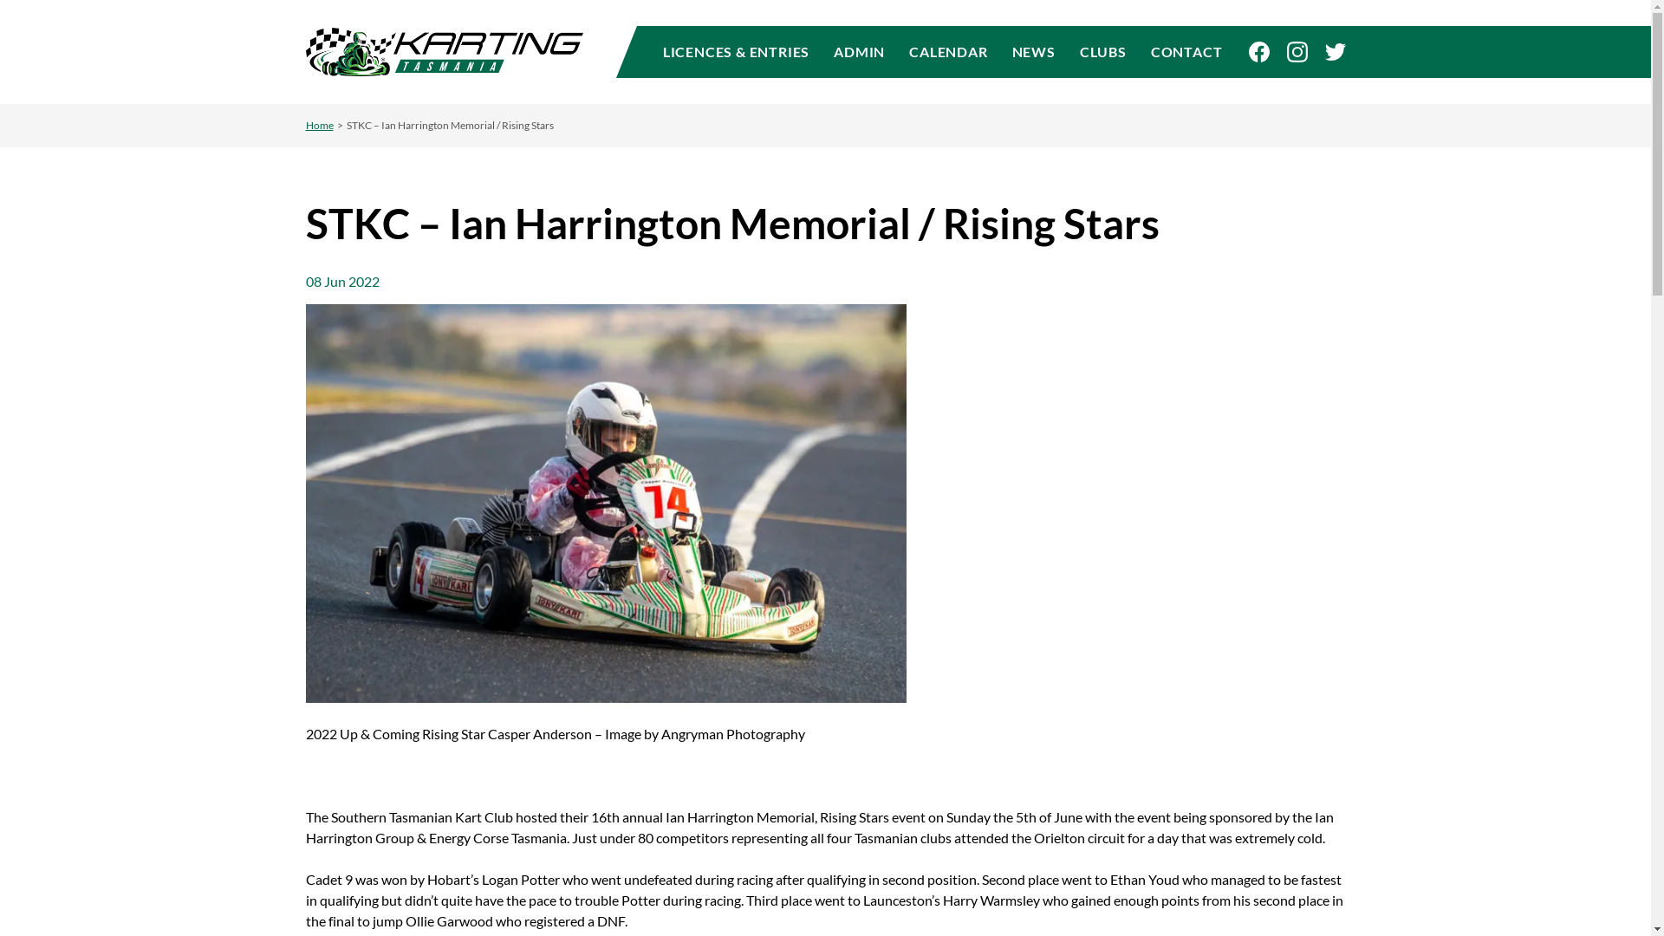 The image size is (1664, 936). I want to click on 'CLUBS', so click(1102, 51).